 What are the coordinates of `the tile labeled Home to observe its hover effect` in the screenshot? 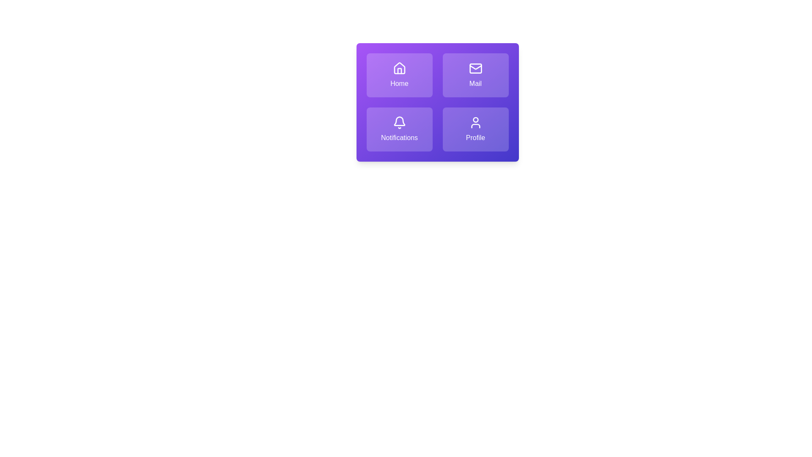 It's located at (399, 74).